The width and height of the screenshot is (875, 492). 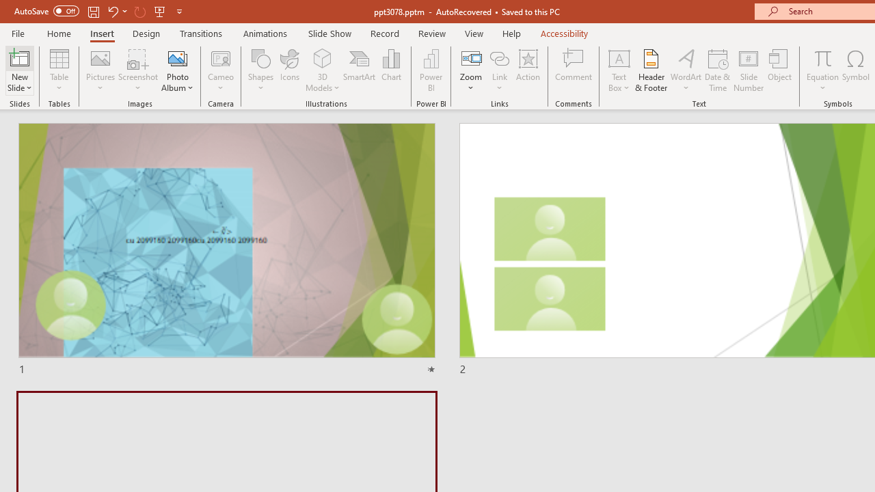 What do you see at coordinates (686, 70) in the screenshot?
I see `'WordArt'` at bounding box center [686, 70].